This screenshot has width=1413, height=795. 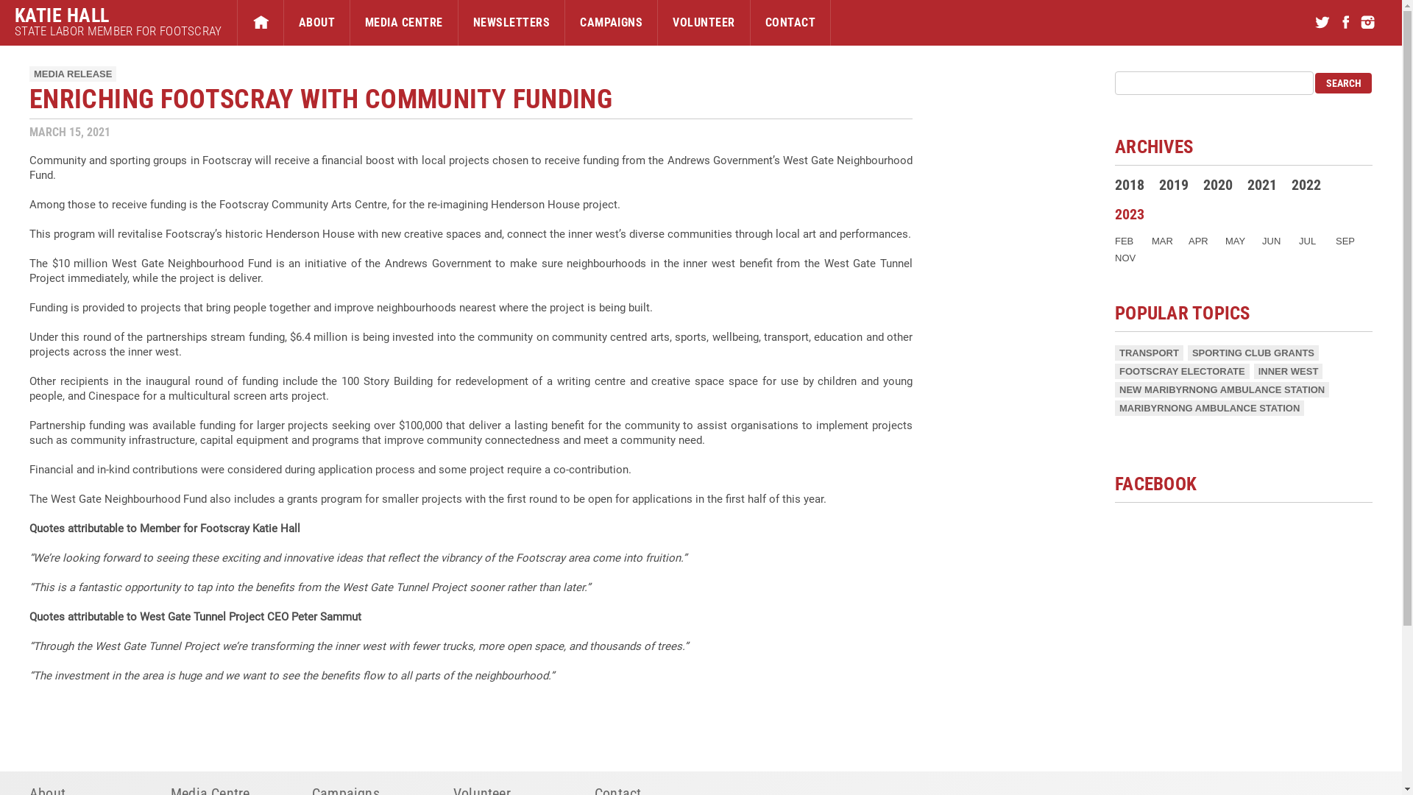 I want to click on 'HOME', so click(x=237, y=22).